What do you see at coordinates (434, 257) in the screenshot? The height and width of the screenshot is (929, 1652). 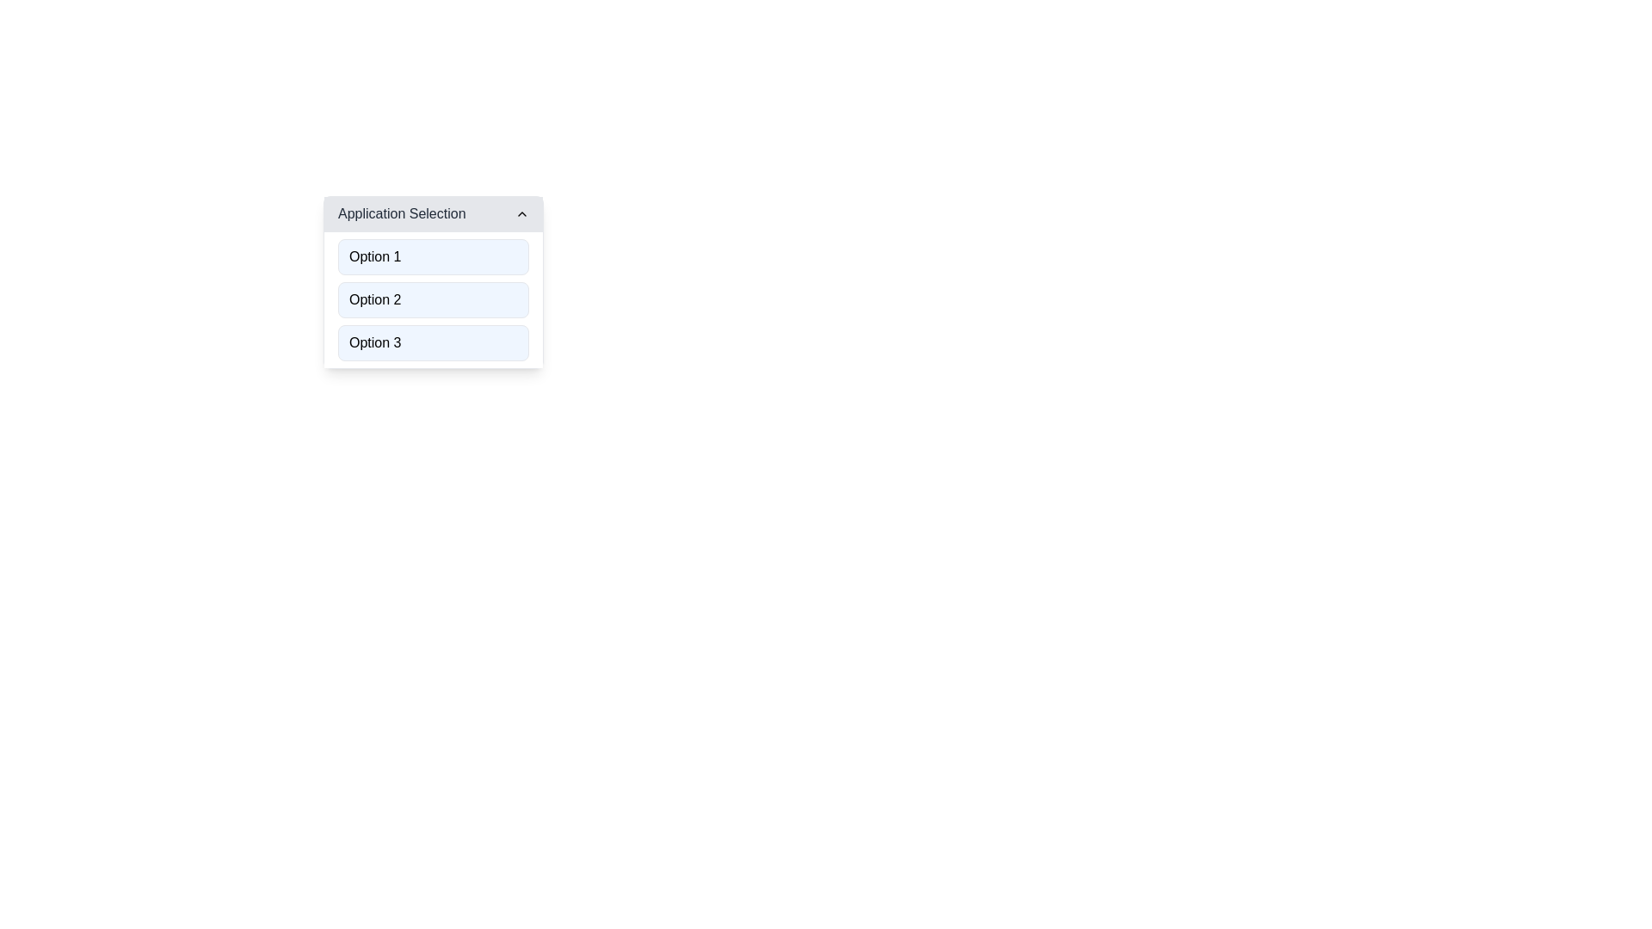 I see `the button labeled 'Option 1' with a light blue background and rounded border` at bounding box center [434, 257].